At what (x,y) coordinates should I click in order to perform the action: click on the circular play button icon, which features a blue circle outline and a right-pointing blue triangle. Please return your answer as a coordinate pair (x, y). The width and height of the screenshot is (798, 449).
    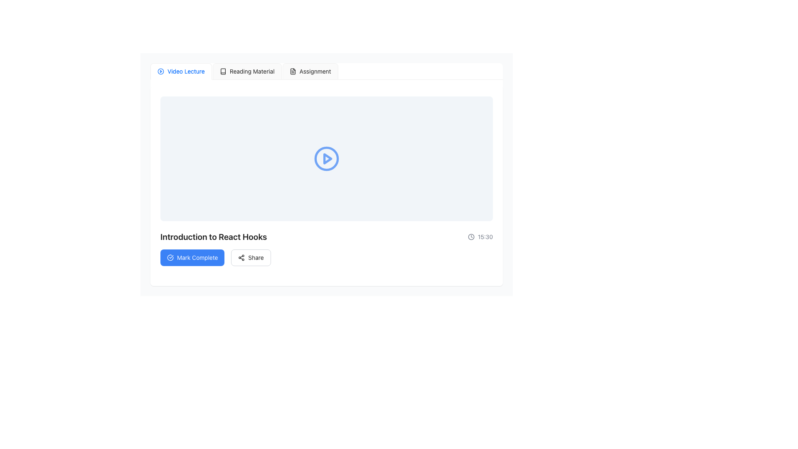
    Looking at the image, I should click on (326, 158).